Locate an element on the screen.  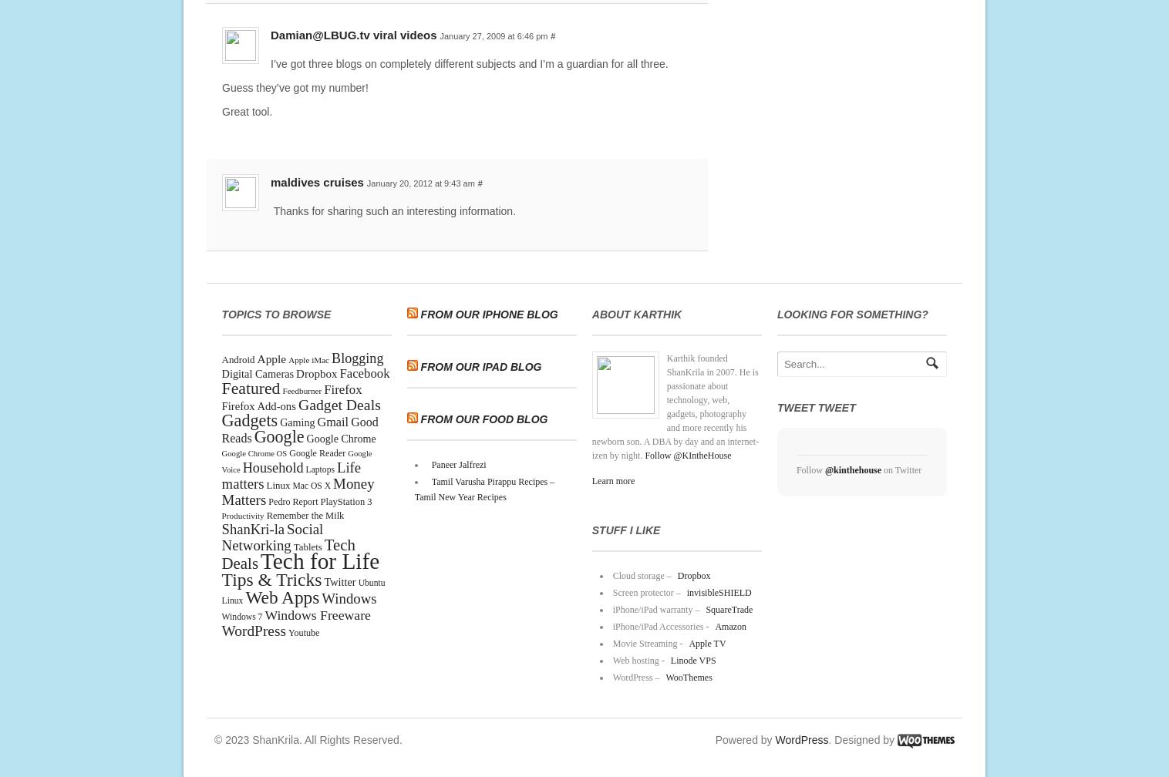
'Apple TV' is located at coordinates (688, 643).